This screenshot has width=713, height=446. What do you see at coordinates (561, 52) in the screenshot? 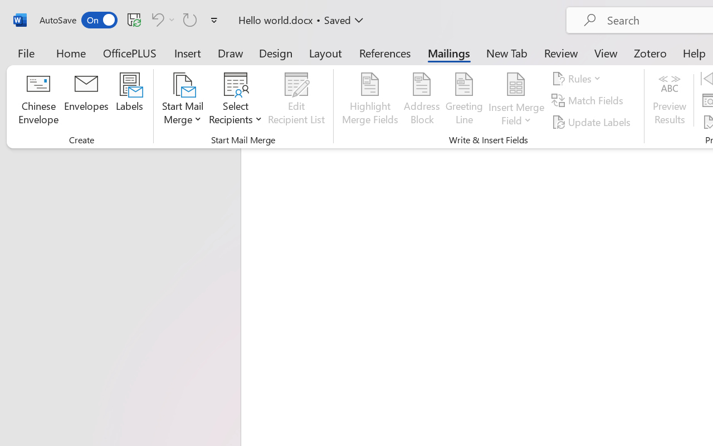
I see `'Review'` at bounding box center [561, 52].